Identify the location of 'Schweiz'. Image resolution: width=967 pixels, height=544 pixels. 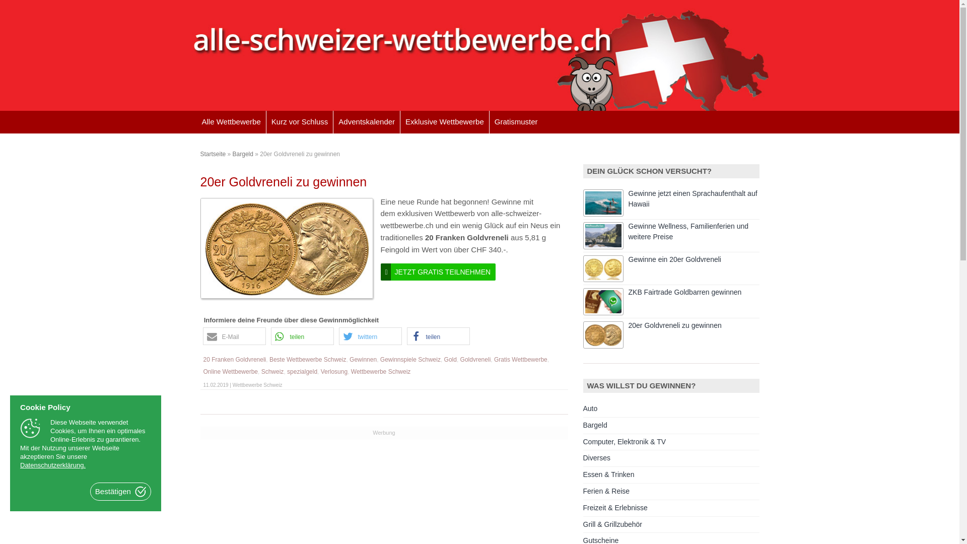
(272, 371).